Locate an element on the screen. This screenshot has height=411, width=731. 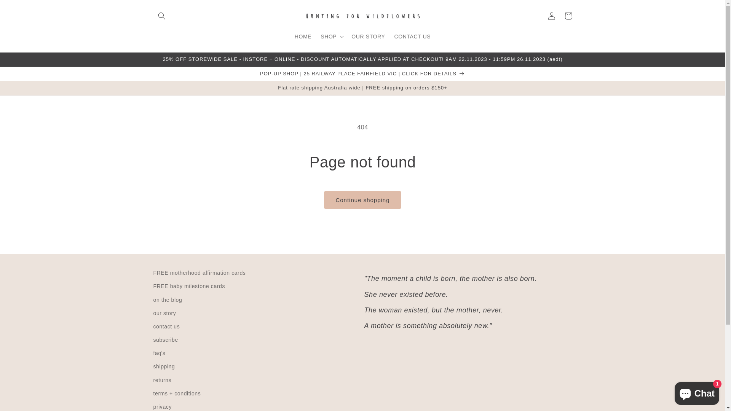
'on the blog' is located at coordinates (167, 299).